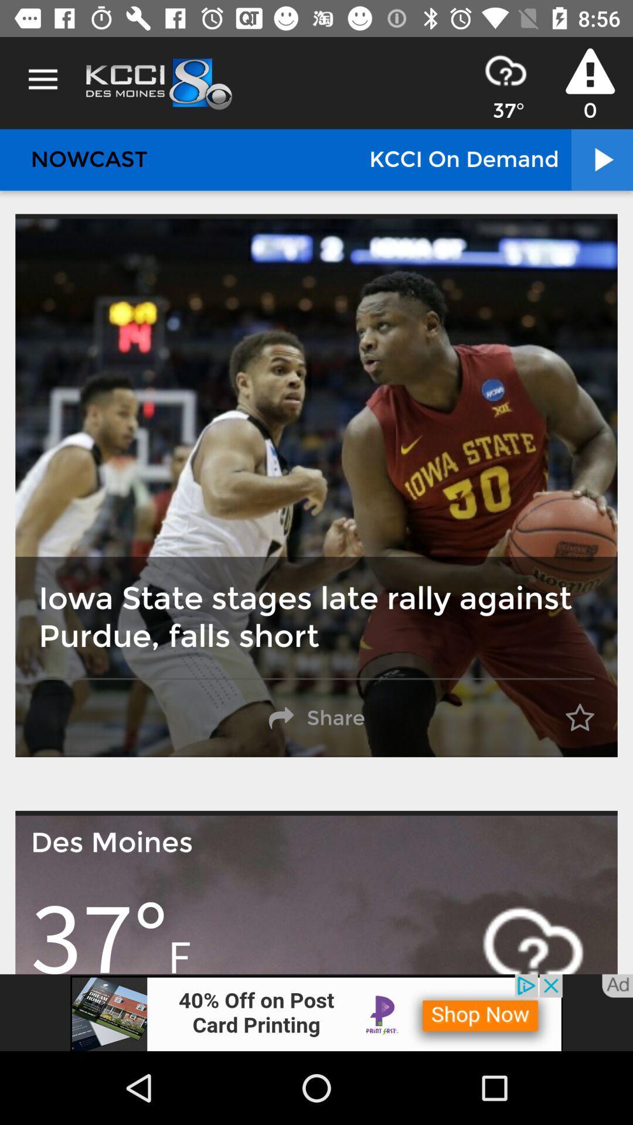 The image size is (633, 1125). Describe the element at coordinates (42, 79) in the screenshot. I see `the menu icon` at that location.